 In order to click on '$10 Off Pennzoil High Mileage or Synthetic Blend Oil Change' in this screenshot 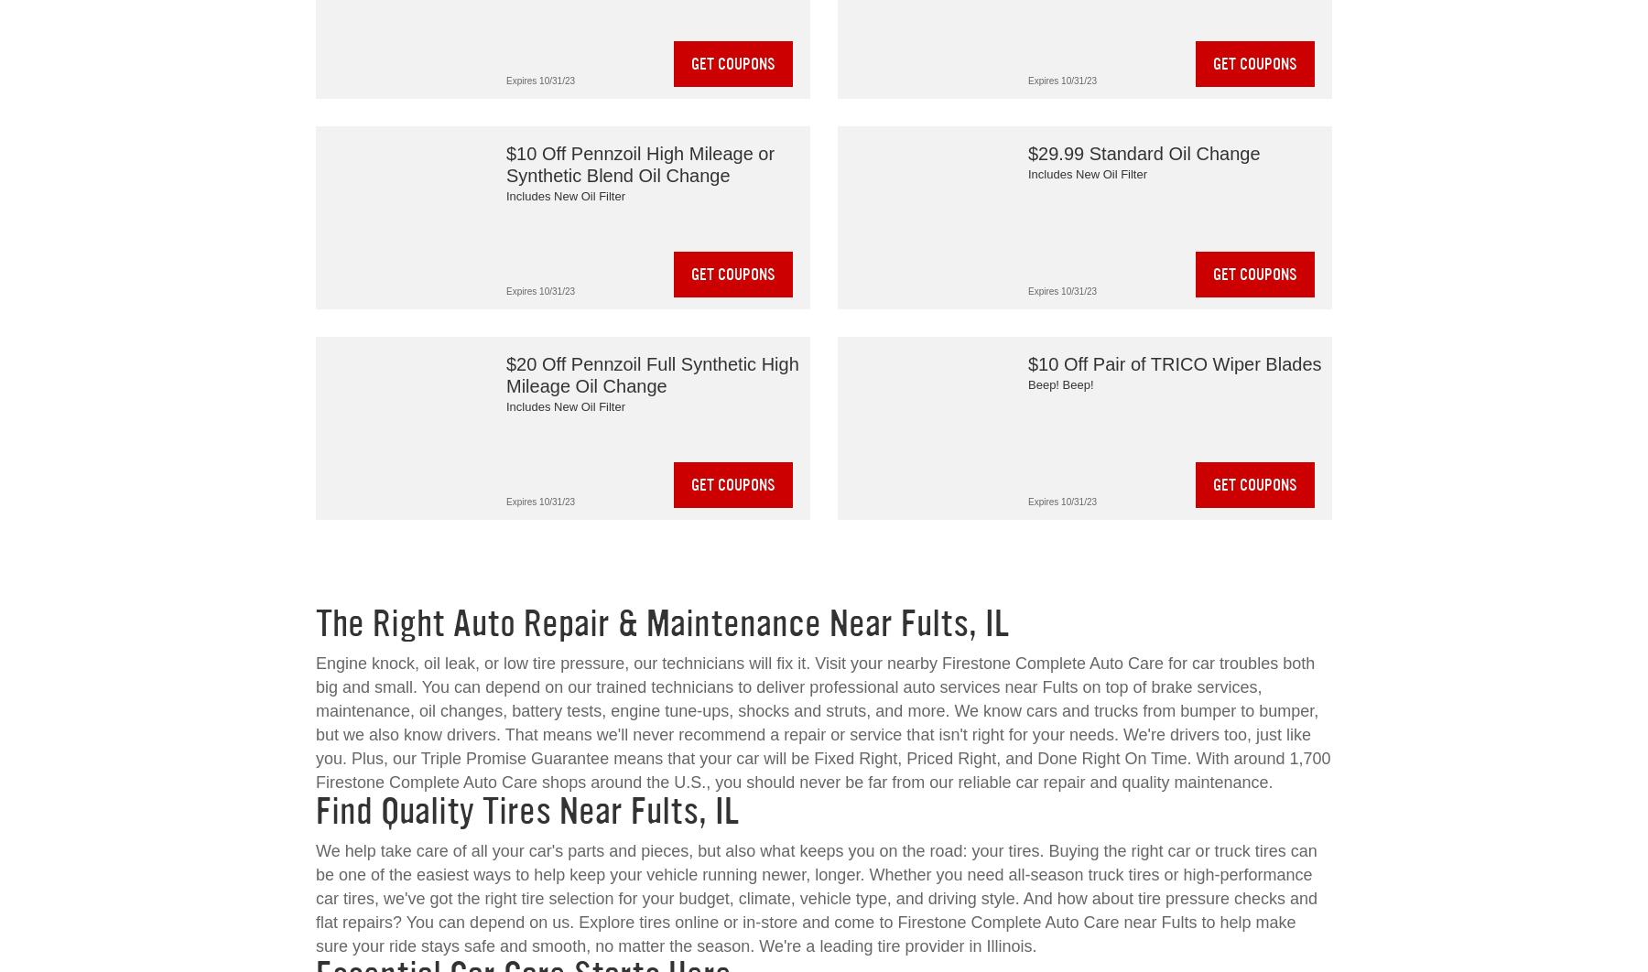, I will do `click(504, 165)`.